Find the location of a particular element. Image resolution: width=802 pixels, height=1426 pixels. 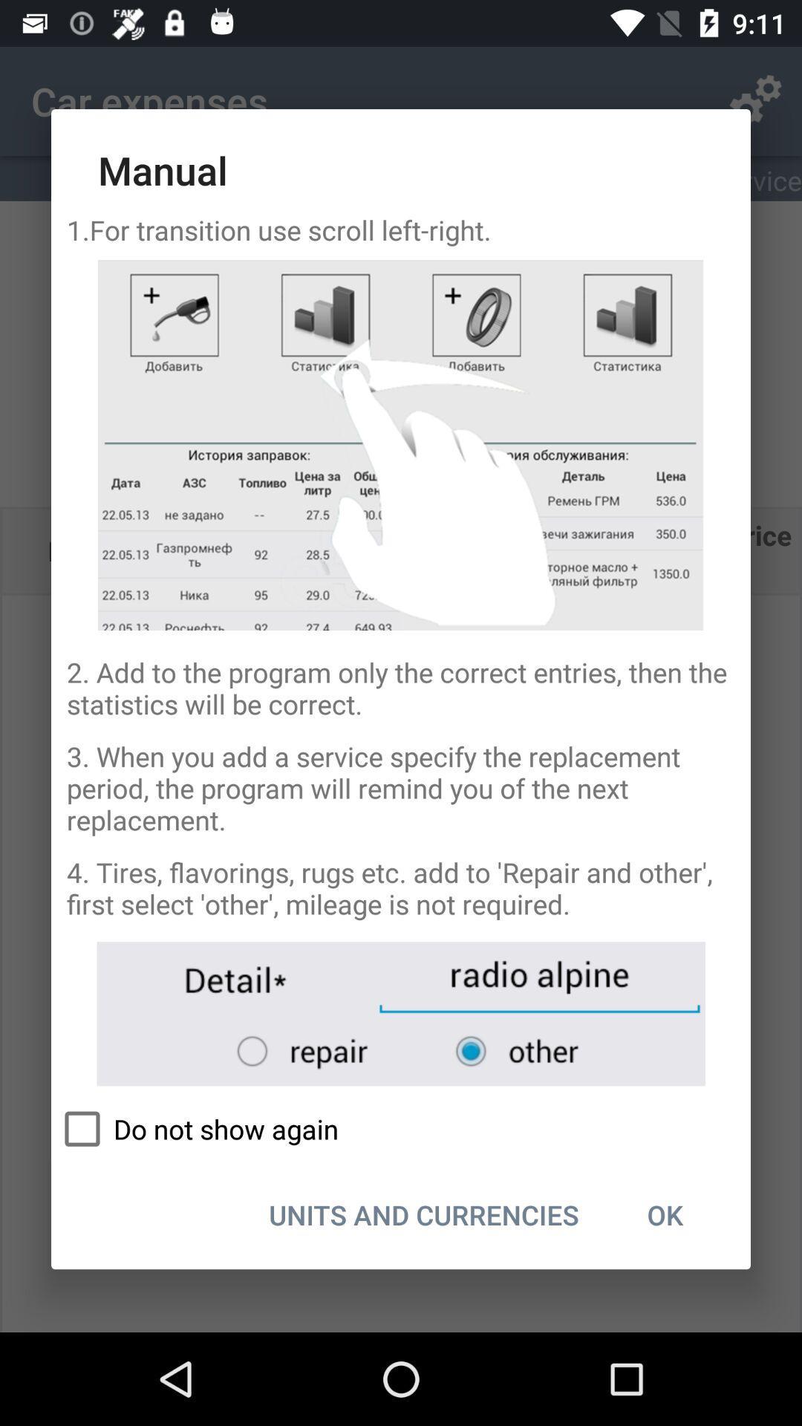

ok at the bottom right corner is located at coordinates (664, 1214).